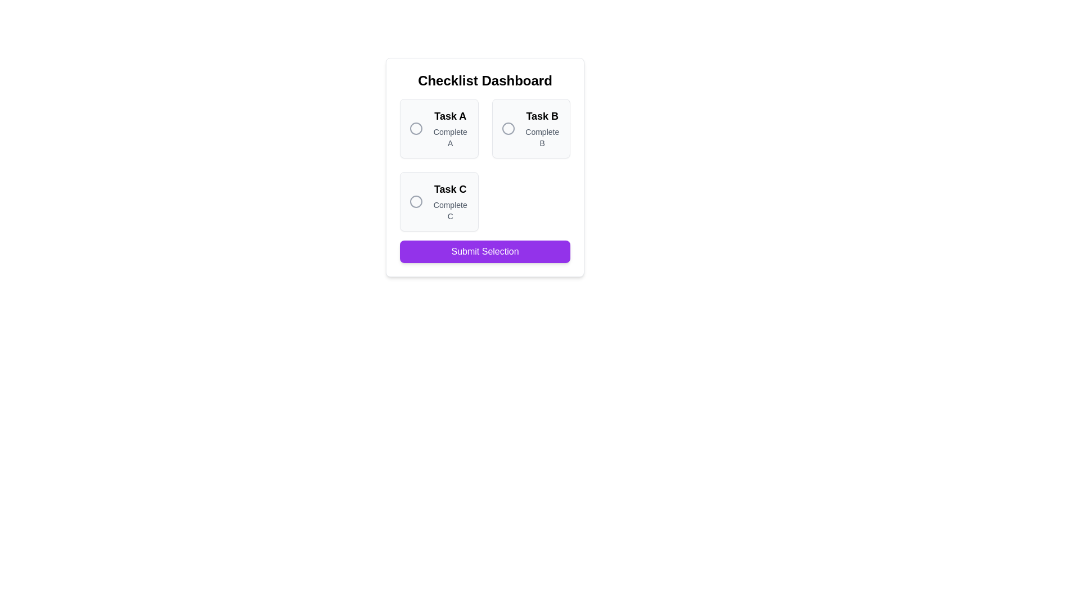  What do you see at coordinates (450, 116) in the screenshot?
I see `text label that reads 'Task A.' which is styled in bold and larger font, located in the upper-left quadrant of the interface` at bounding box center [450, 116].